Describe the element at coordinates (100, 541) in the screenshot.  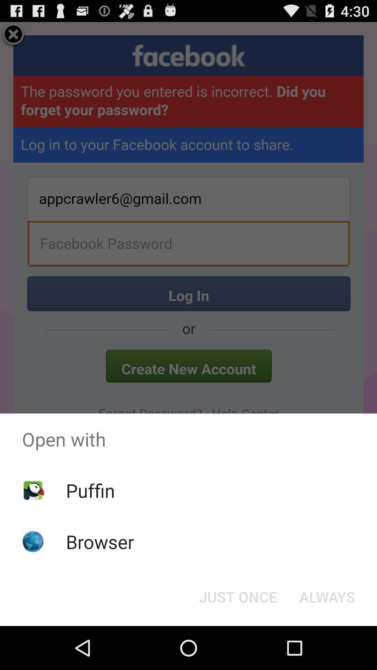
I see `the browser icon` at that location.